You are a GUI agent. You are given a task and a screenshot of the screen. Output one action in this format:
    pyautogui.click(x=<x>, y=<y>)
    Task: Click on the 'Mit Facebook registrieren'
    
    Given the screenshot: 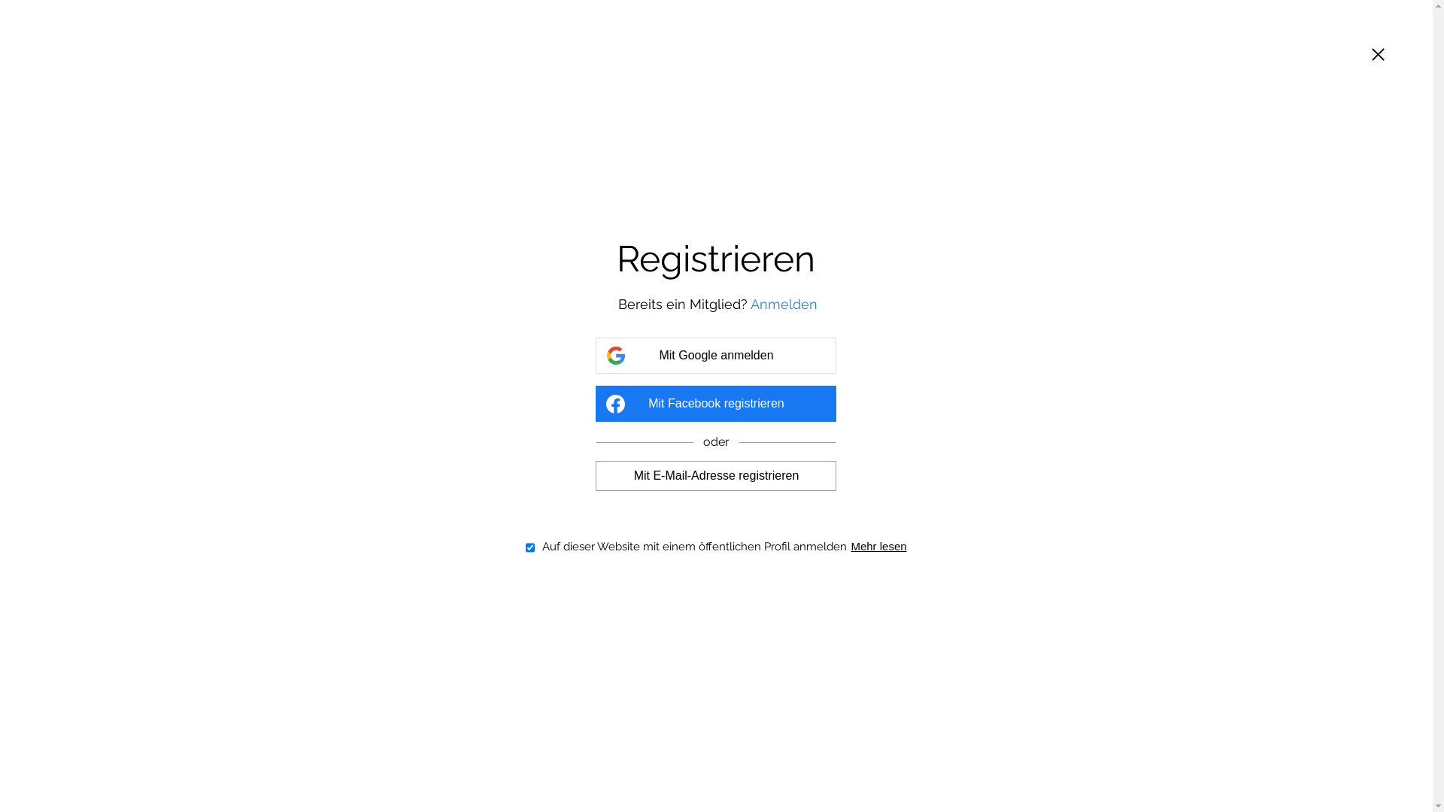 What is the action you would take?
    pyautogui.click(x=714, y=402)
    